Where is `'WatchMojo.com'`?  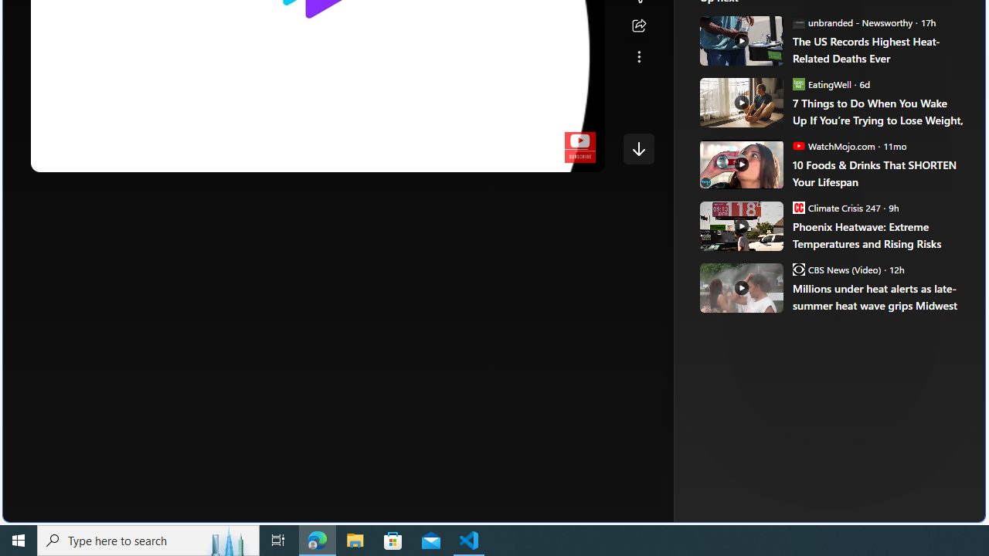 'WatchMojo.com' is located at coordinates (798, 145).